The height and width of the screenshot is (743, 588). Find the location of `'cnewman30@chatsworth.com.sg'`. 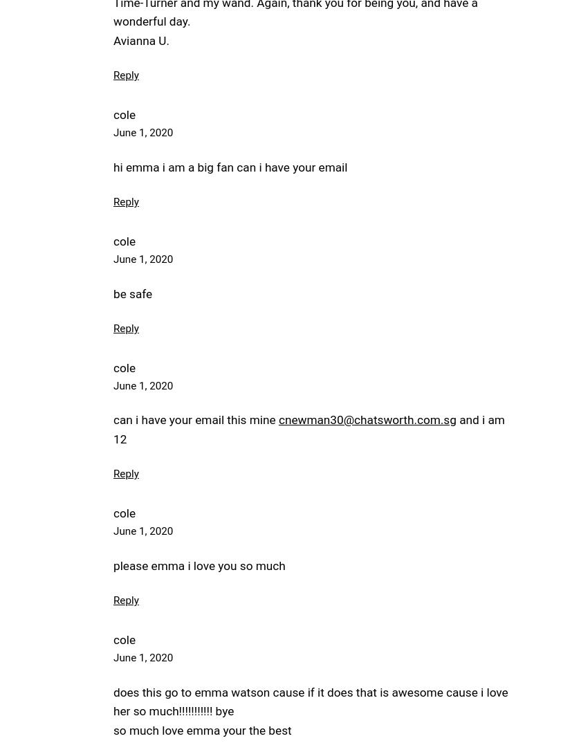

'cnewman30@chatsworth.com.sg' is located at coordinates (366, 420).